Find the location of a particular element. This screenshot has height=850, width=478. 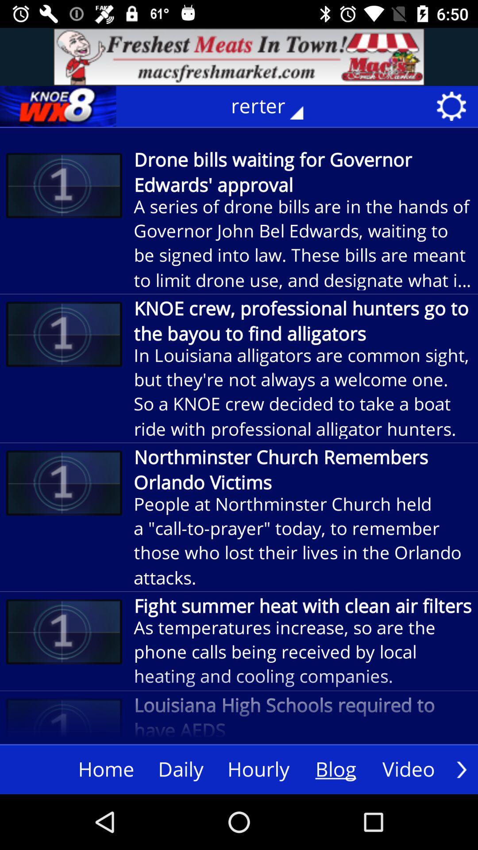

knoe wx8 details is located at coordinates (58, 106).